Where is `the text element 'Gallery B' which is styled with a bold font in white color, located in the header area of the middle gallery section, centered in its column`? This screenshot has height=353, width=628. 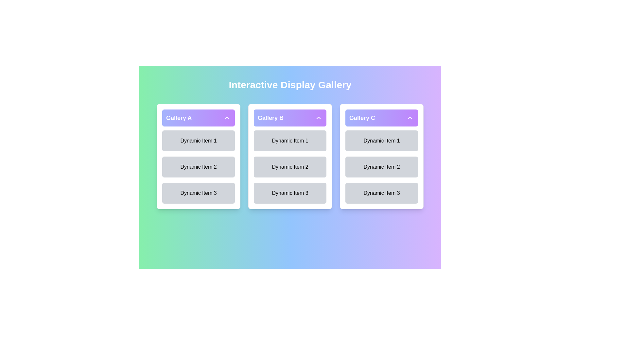
the text element 'Gallery B' which is styled with a bold font in white color, located in the header area of the middle gallery section, centered in its column is located at coordinates (270, 118).